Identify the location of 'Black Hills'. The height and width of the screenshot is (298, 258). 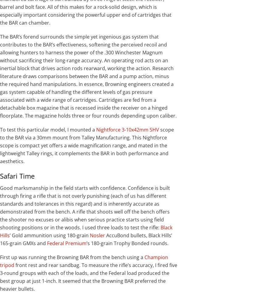
(86, 231).